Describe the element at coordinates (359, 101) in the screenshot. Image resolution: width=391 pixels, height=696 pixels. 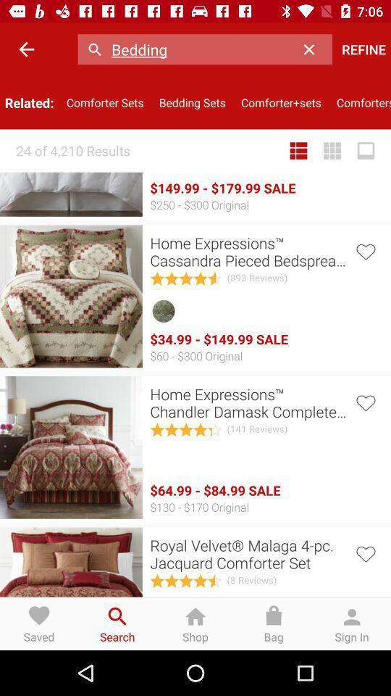
I see `icon to the right of comforter+sets icon` at that location.